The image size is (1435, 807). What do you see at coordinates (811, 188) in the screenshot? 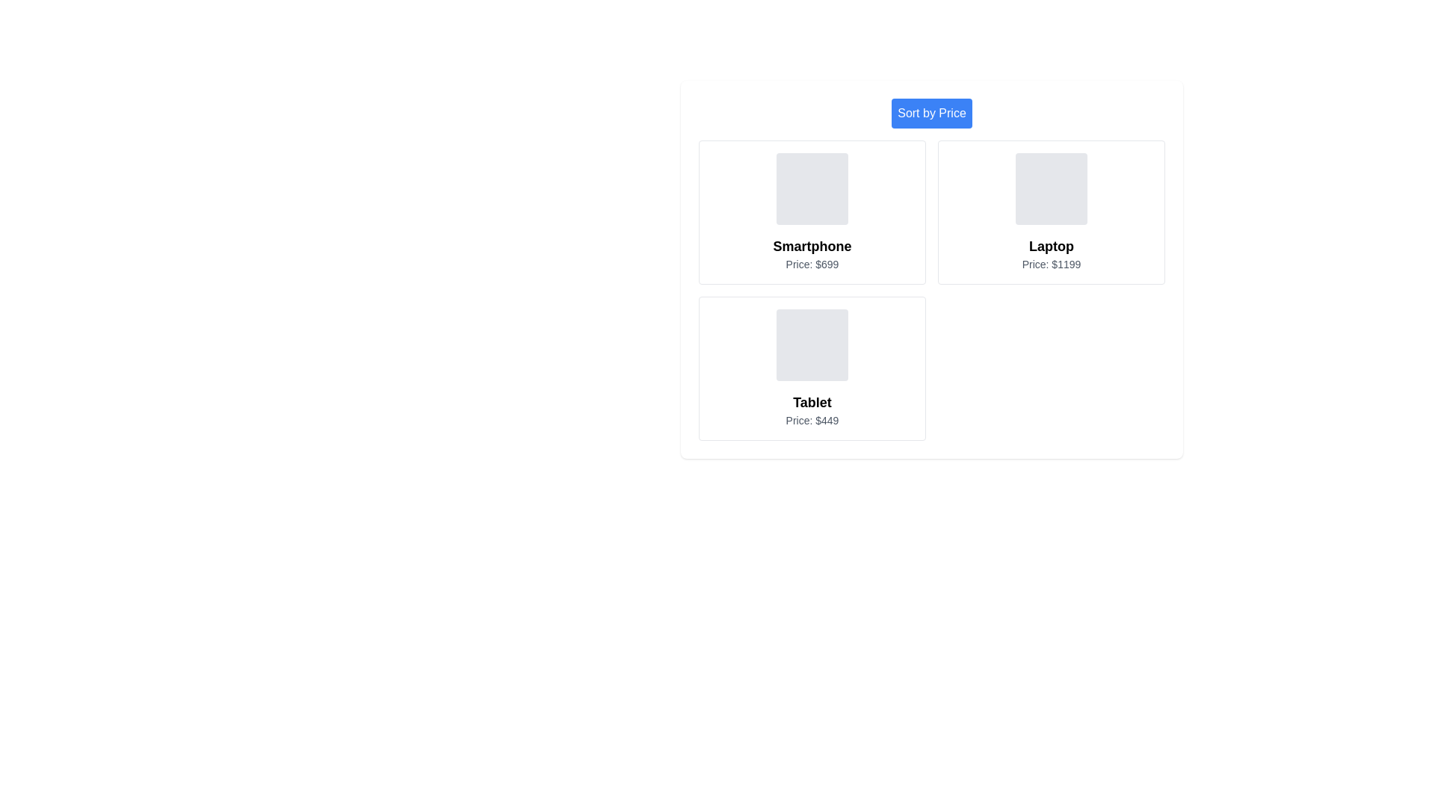
I see `the placeholder image for Smartphone` at bounding box center [811, 188].